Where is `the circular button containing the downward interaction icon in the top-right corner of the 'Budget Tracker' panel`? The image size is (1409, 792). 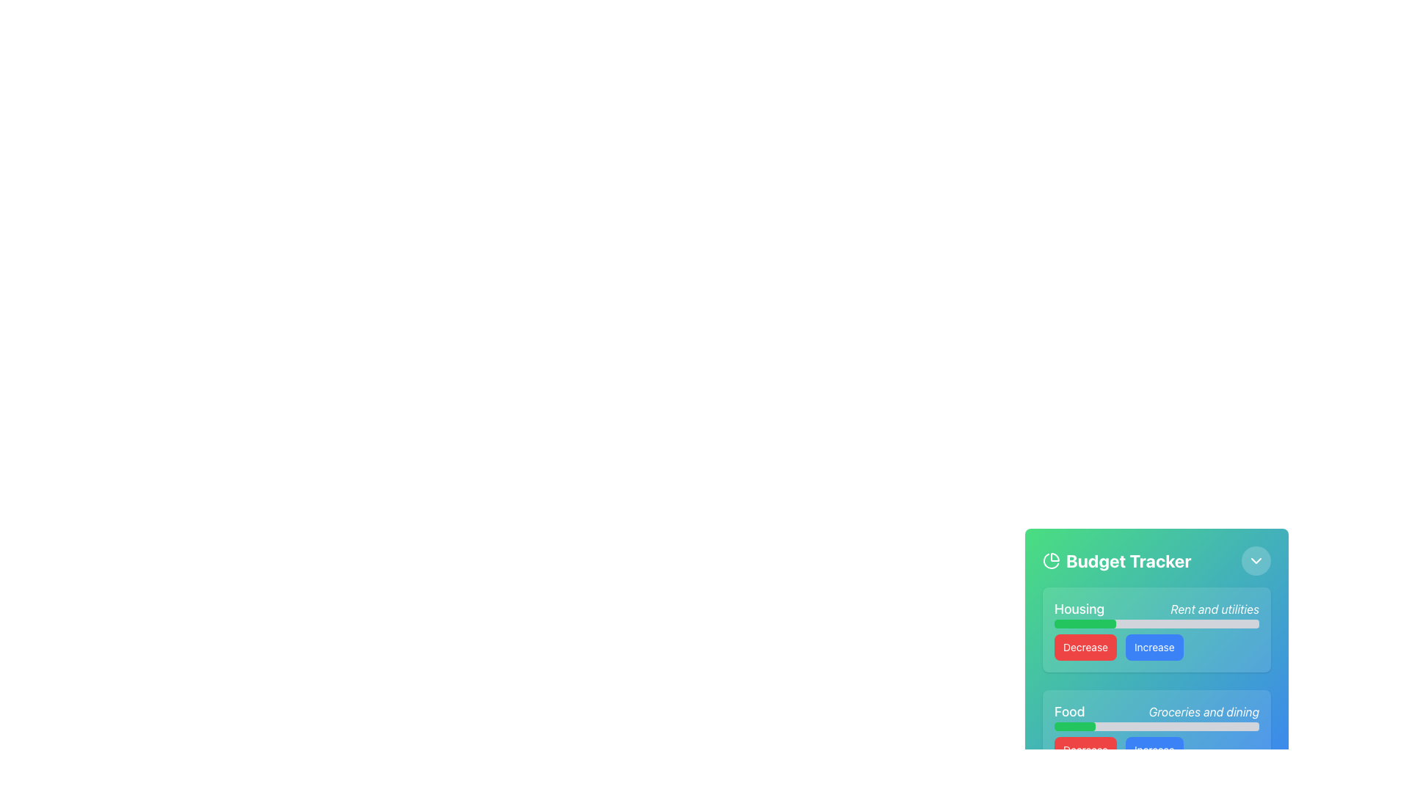
the circular button containing the downward interaction icon in the top-right corner of the 'Budget Tracker' panel is located at coordinates (1256, 560).